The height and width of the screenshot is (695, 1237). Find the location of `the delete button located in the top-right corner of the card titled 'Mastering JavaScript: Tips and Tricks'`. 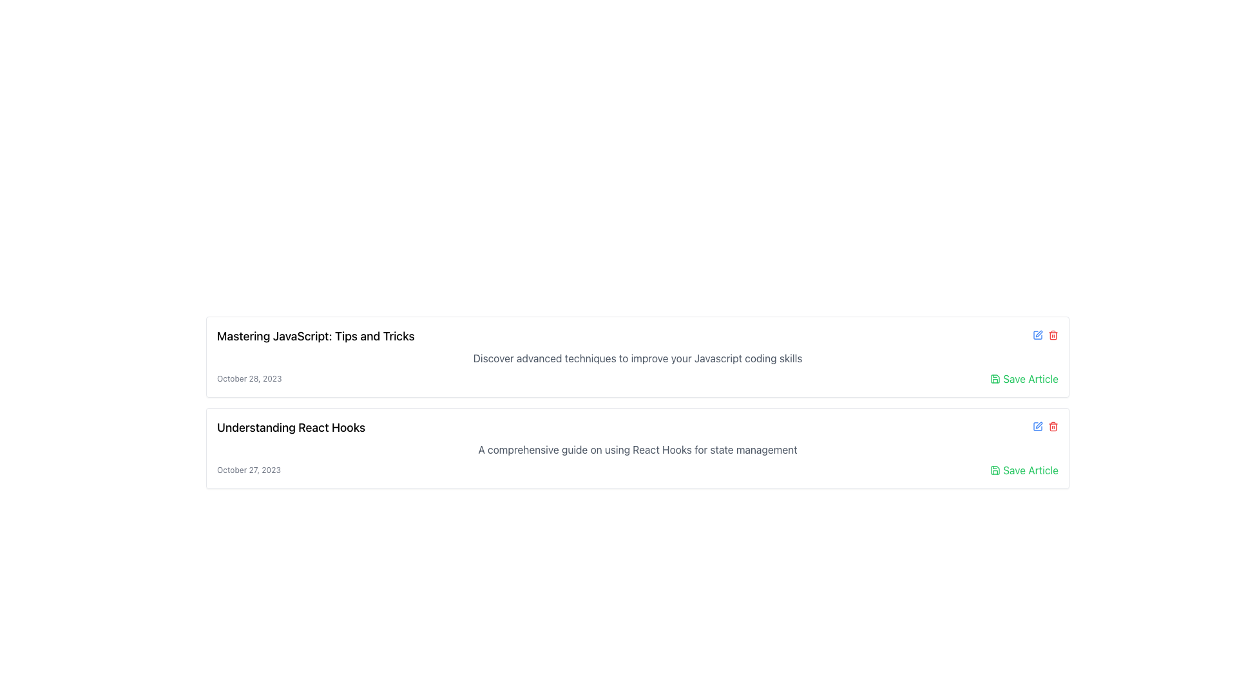

the delete button located in the top-right corner of the card titled 'Mastering JavaScript: Tips and Tricks' is located at coordinates (1045, 336).